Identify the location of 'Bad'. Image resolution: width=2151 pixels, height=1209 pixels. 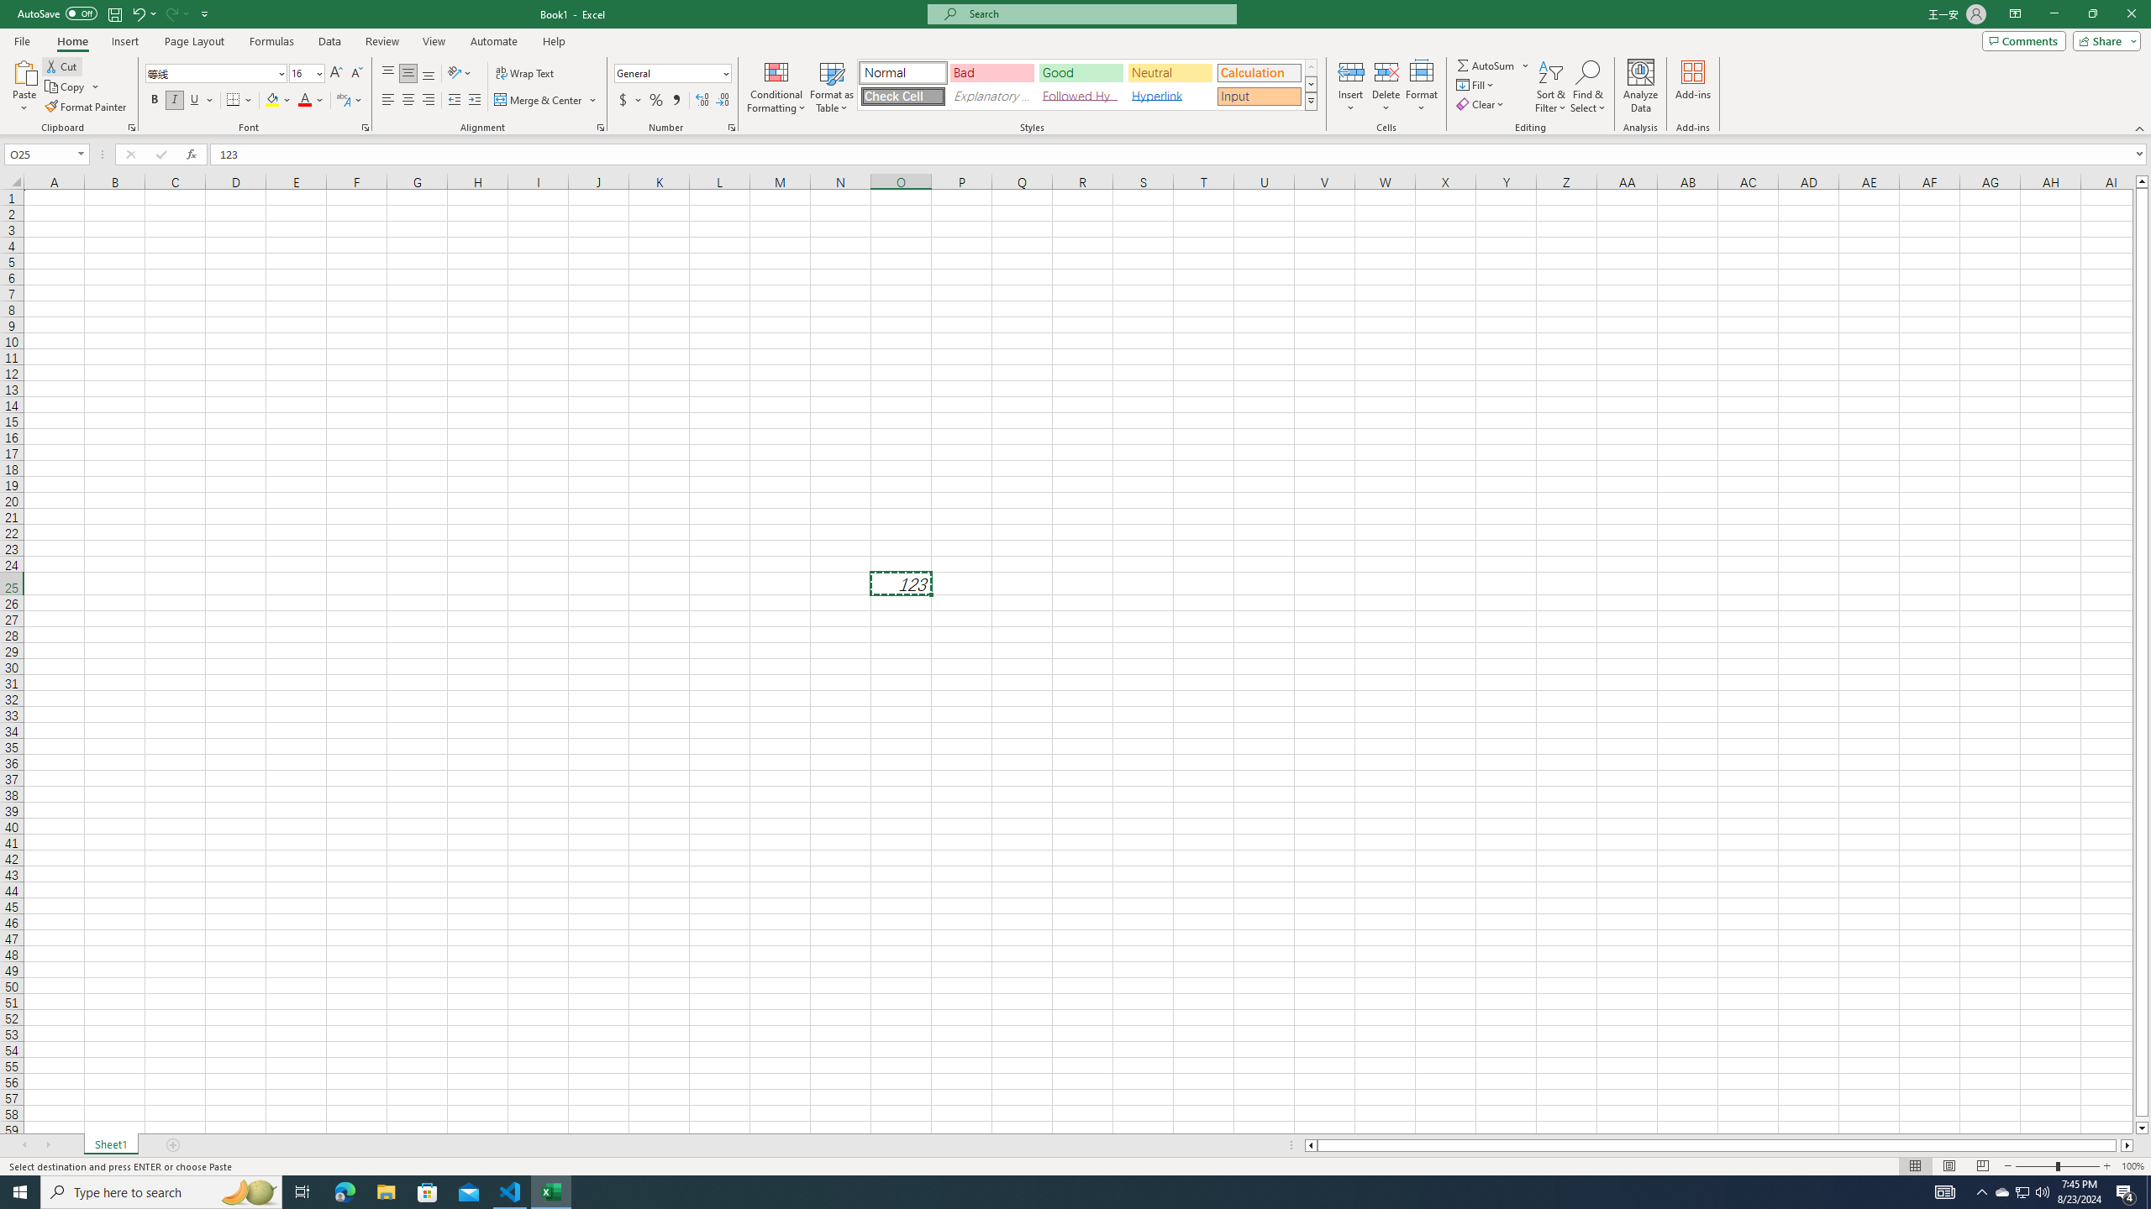
(992, 73).